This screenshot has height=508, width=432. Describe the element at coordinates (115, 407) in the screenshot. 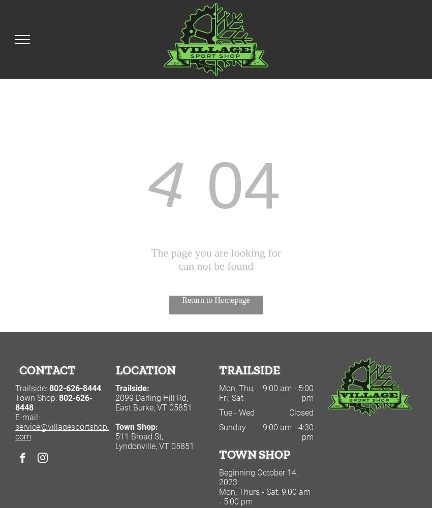

I see `'East Burke, VT 05851'` at that location.